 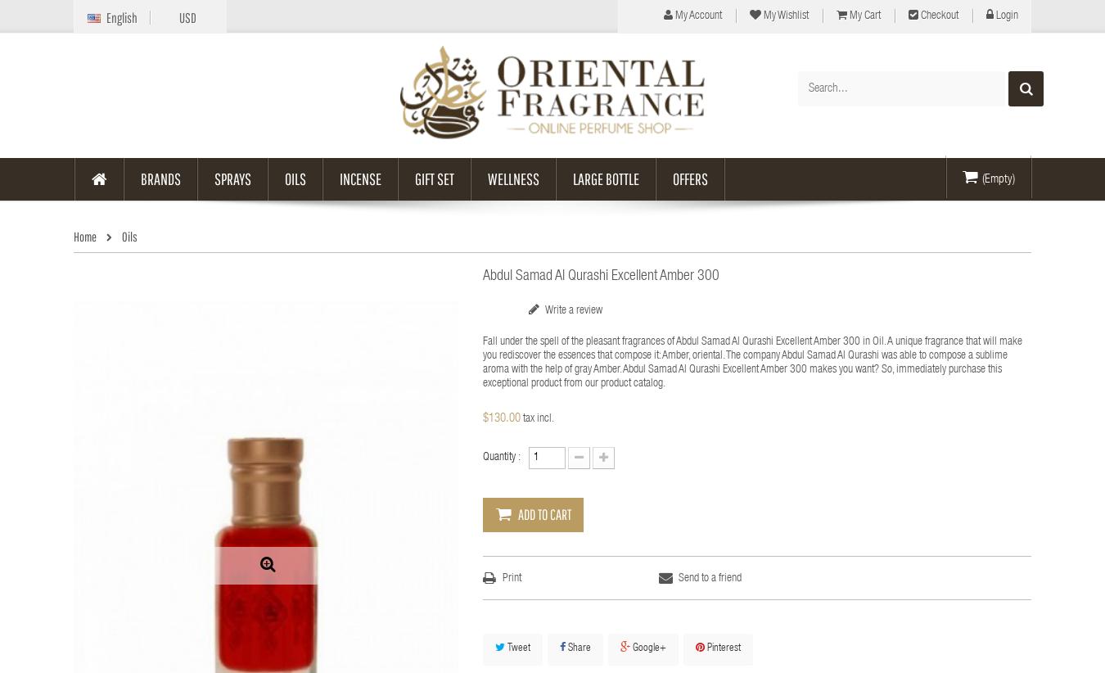 What do you see at coordinates (577, 648) in the screenshot?
I see `'Share'` at bounding box center [577, 648].